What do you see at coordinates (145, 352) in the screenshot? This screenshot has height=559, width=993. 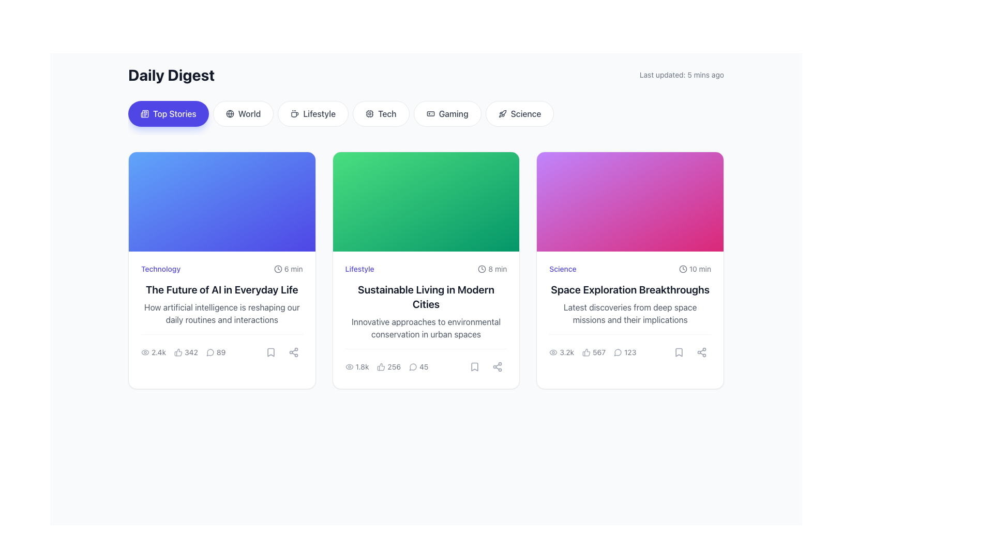 I see `the eye icon in the lower section of the first card` at bounding box center [145, 352].